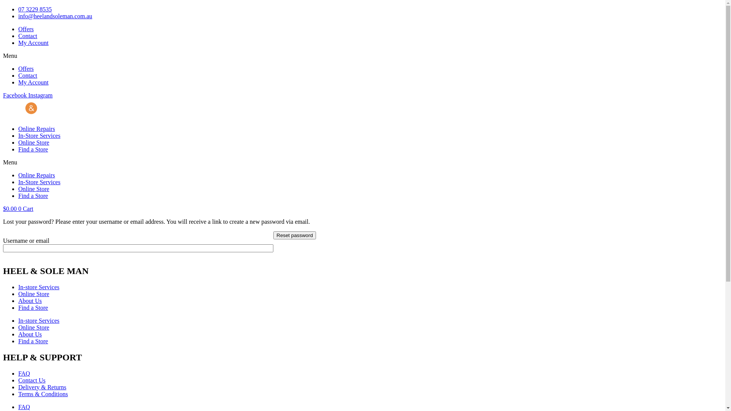 This screenshot has height=411, width=731. What do you see at coordinates (18, 209) in the screenshot?
I see `'$0.00 0 Cart'` at bounding box center [18, 209].